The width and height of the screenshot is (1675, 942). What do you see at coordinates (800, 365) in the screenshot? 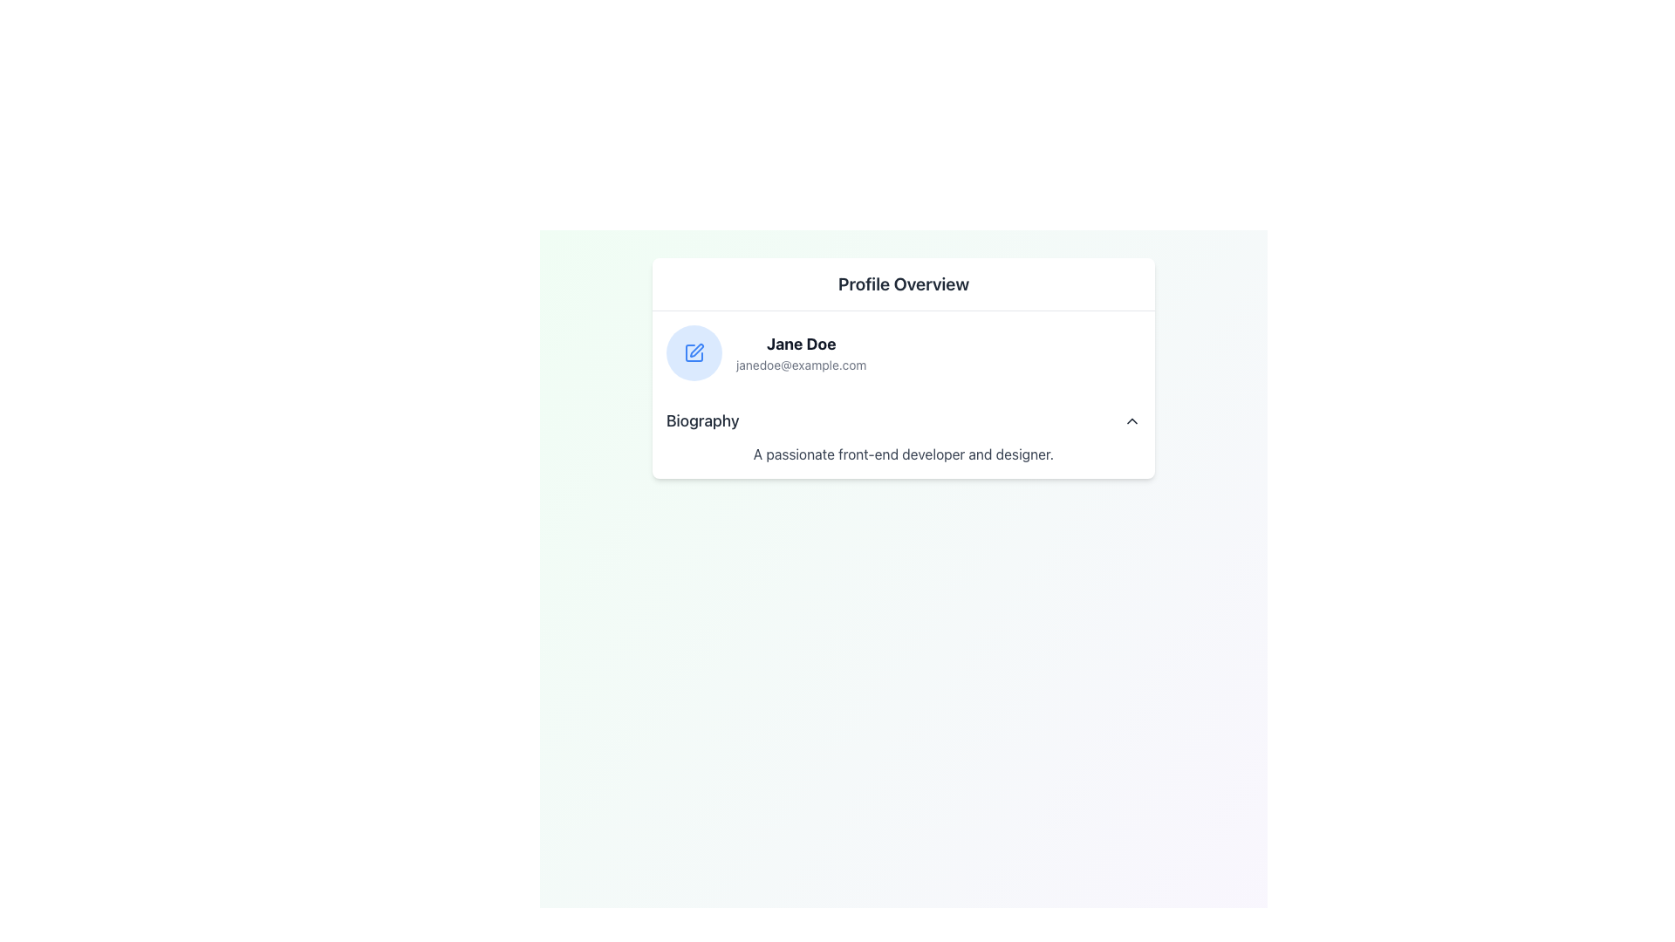
I see `the text label displaying the email address 'janedoe@example.com', which is located beneath the name 'Jane Doe' and to the right side of the layout` at bounding box center [800, 365].